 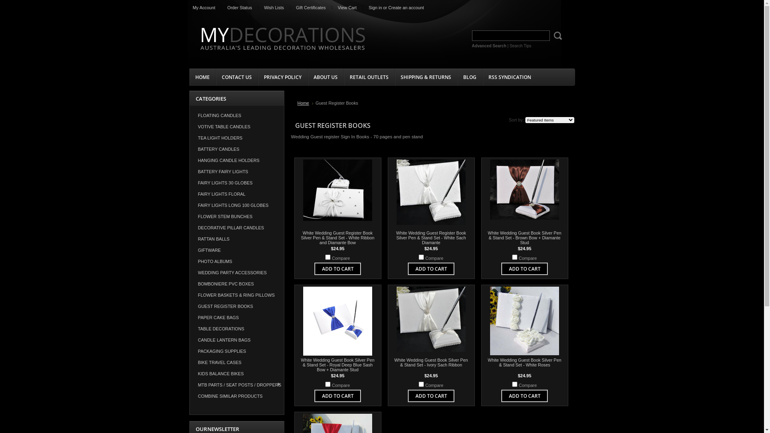 I want to click on 'GIFTWARE', so click(x=236, y=250).